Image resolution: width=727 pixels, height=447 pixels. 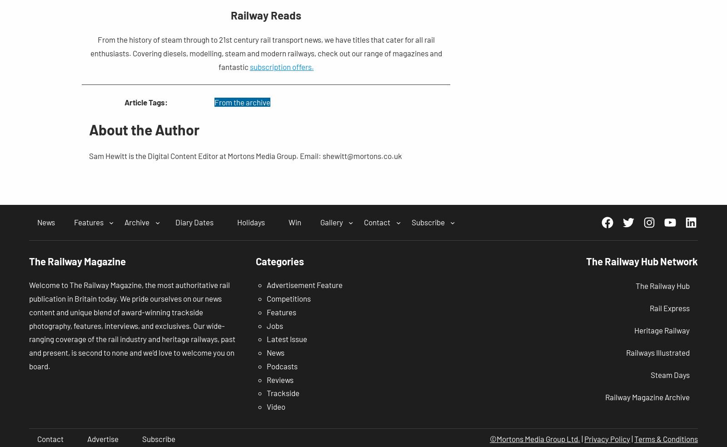 What do you see at coordinates (275, 407) in the screenshot?
I see `'Video'` at bounding box center [275, 407].